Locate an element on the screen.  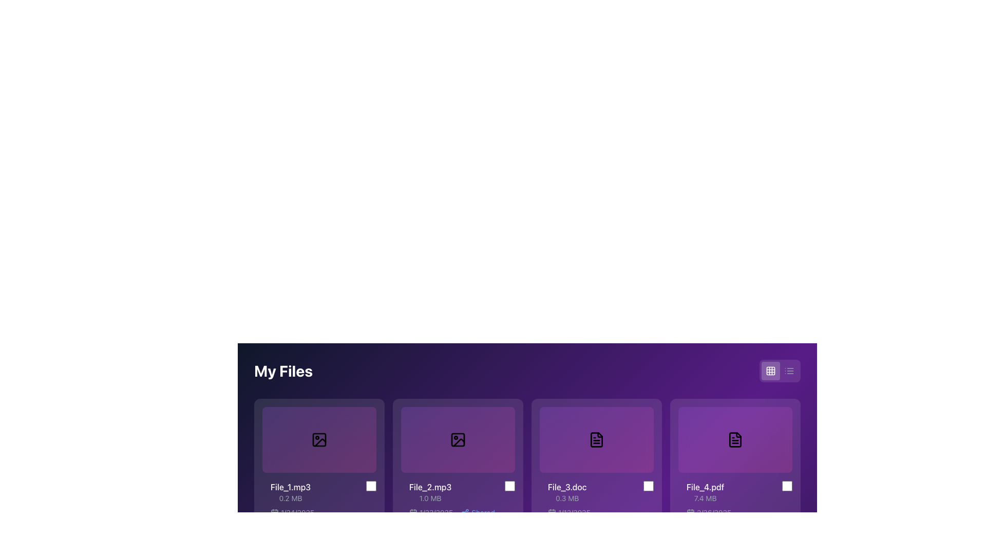
the Label with icon displaying the date '1/24/2025' located under the 'File_1.mp3' label in the 'My Files' section is located at coordinates (323, 513).